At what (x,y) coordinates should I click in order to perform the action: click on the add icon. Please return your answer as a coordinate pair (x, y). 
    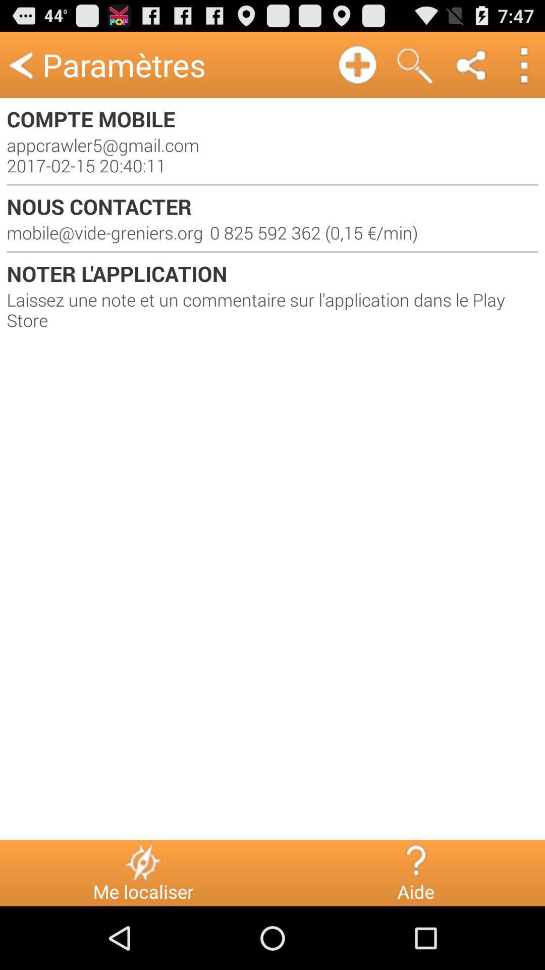
    Looking at the image, I should click on (357, 69).